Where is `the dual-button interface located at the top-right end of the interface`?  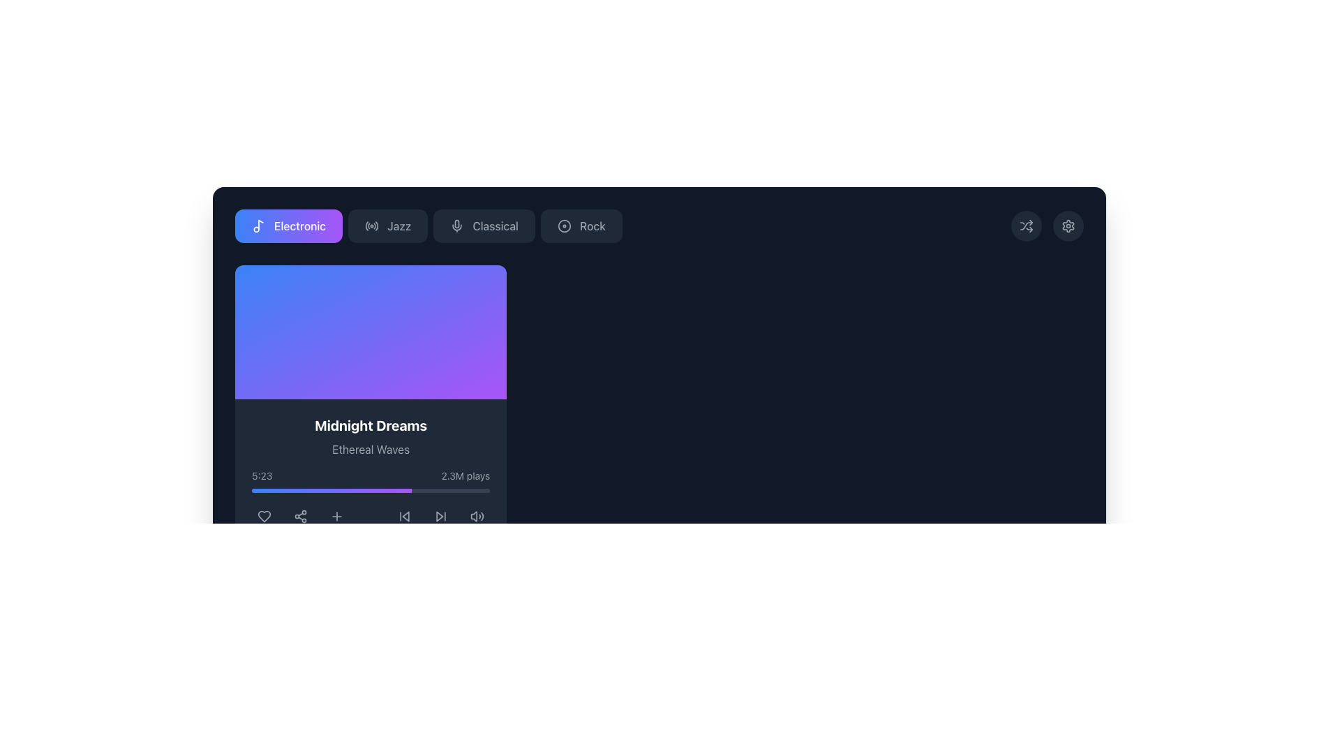
the dual-button interface located at the top-right end of the interface is located at coordinates (1048, 226).